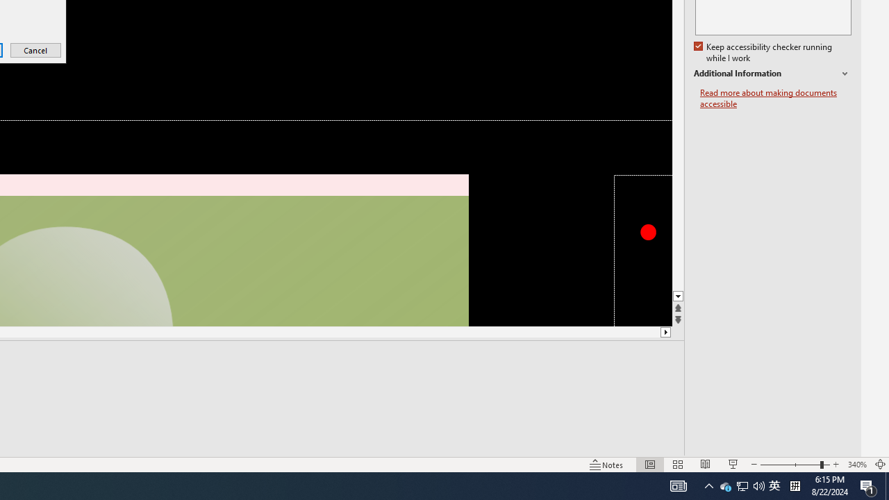 The image size is (889, 500). Describe the element at coordinates (886, 485) in the screenshot. I see `'Show desktop'` at that location.